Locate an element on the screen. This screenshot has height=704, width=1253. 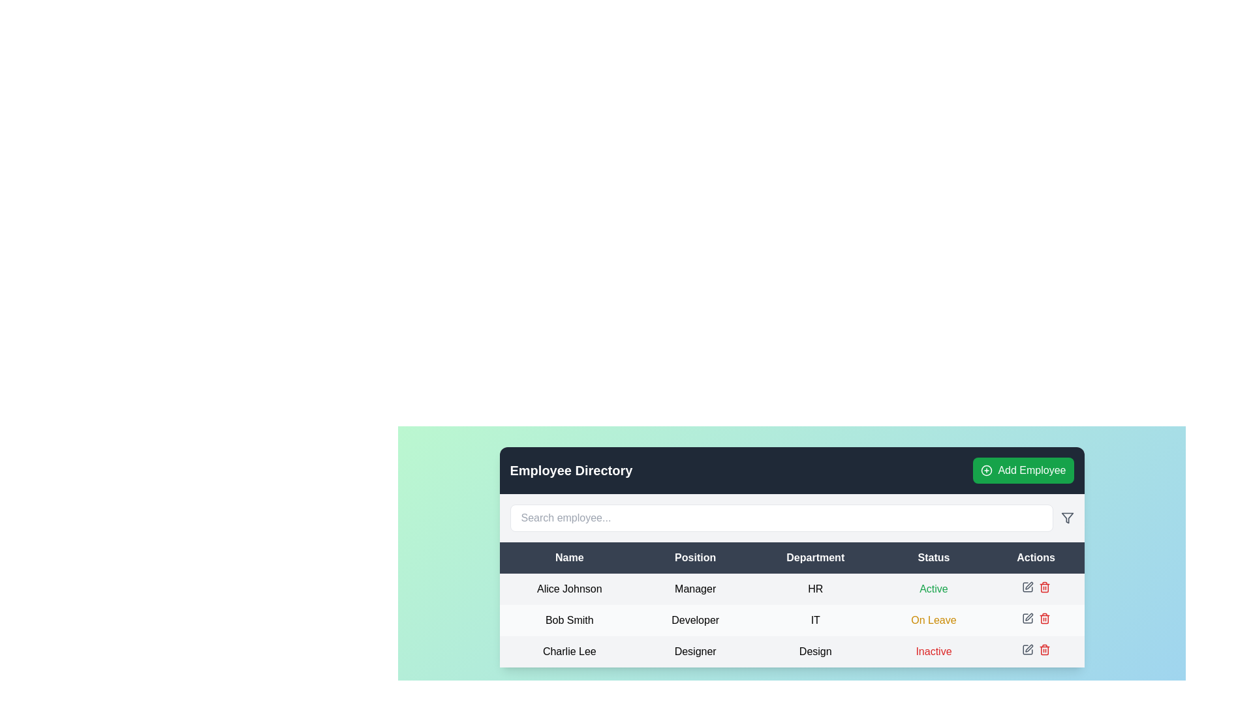
the gray square icon with a pen overlay located in the 'Actions' column of the first row associated with 'Alice Johnson' to initiate the edit action is located at coordinates (1027, 587).